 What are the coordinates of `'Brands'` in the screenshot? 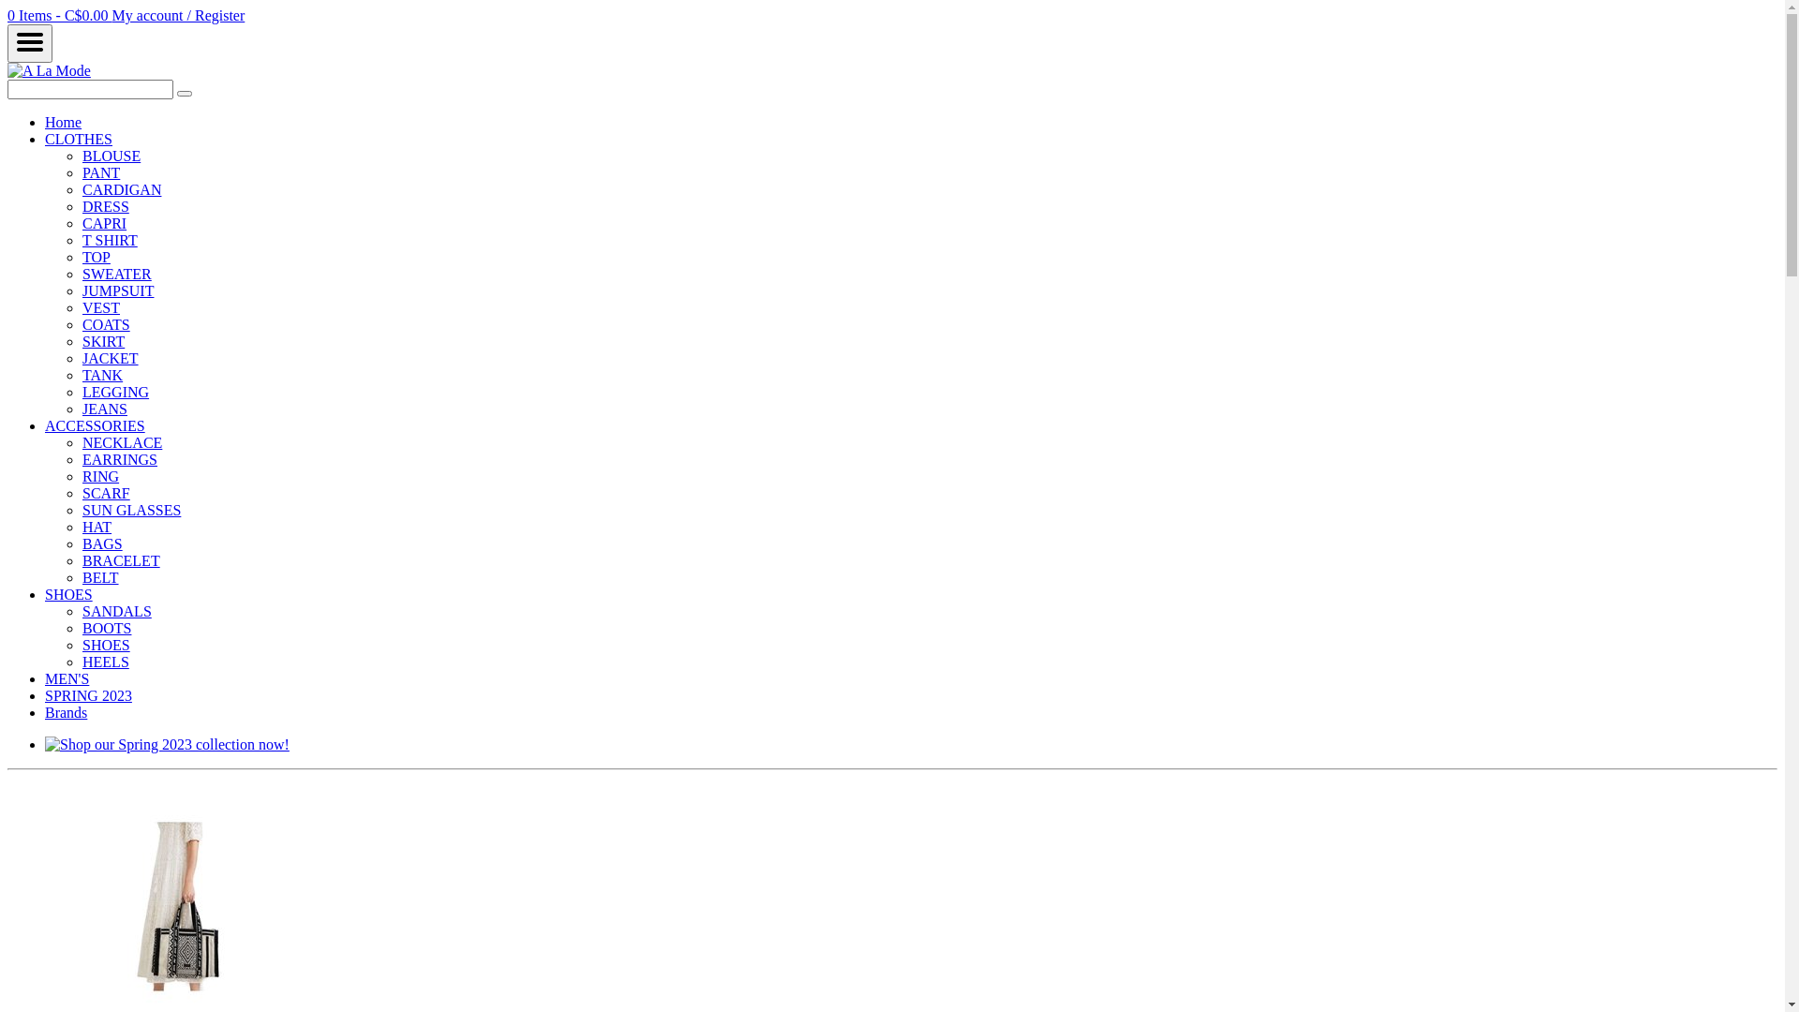 It's located at (66, 712).